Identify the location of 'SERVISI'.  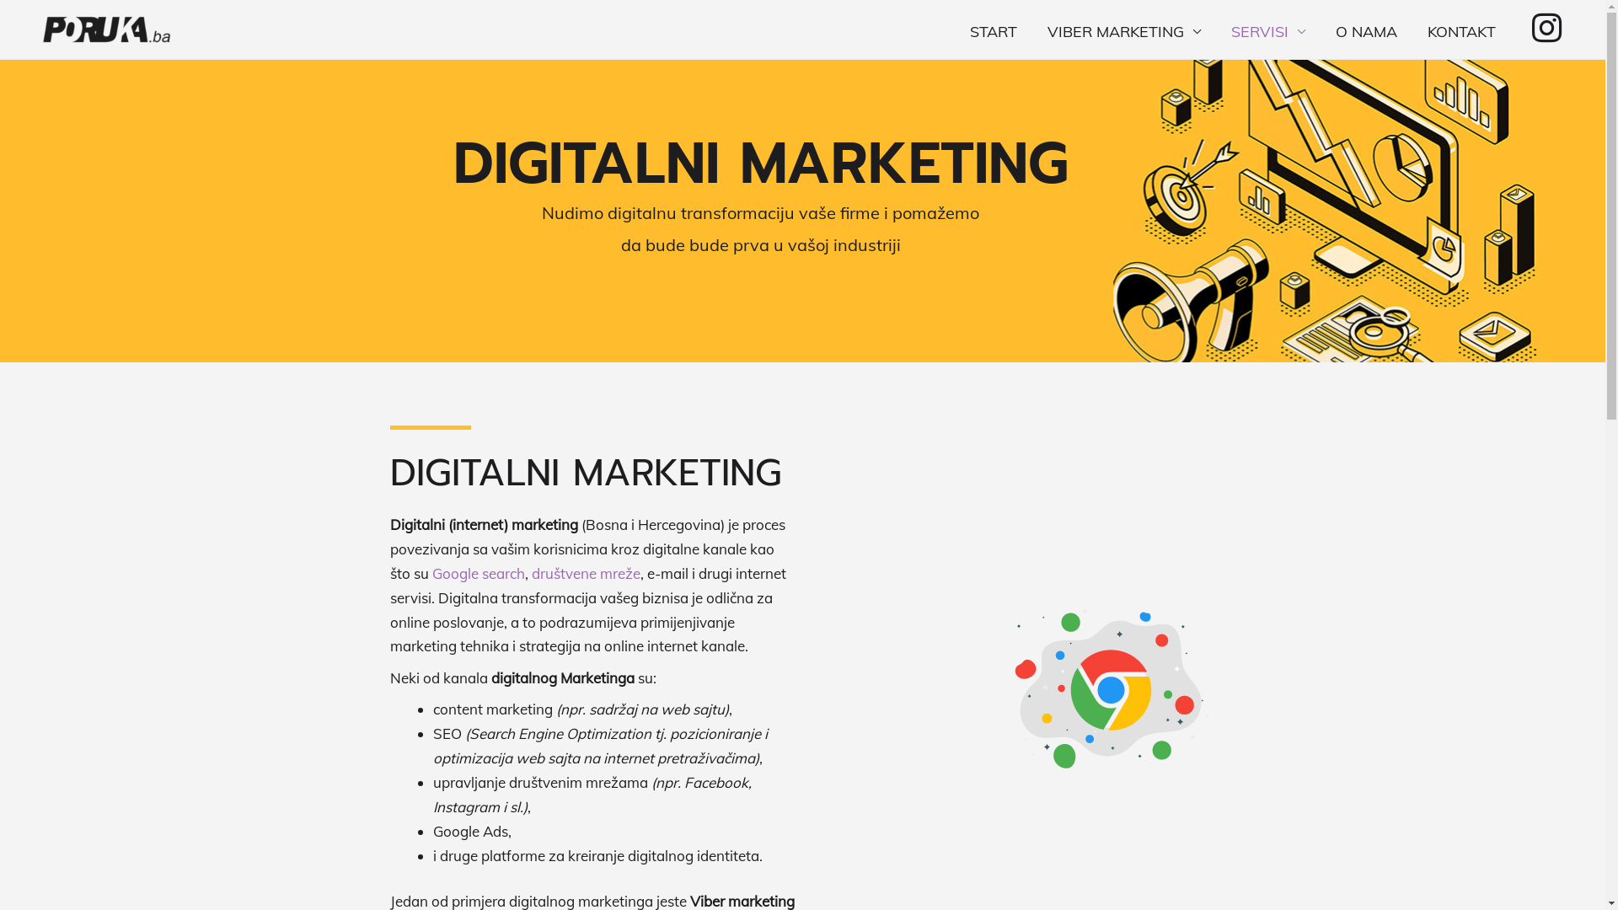
(1267, 31).